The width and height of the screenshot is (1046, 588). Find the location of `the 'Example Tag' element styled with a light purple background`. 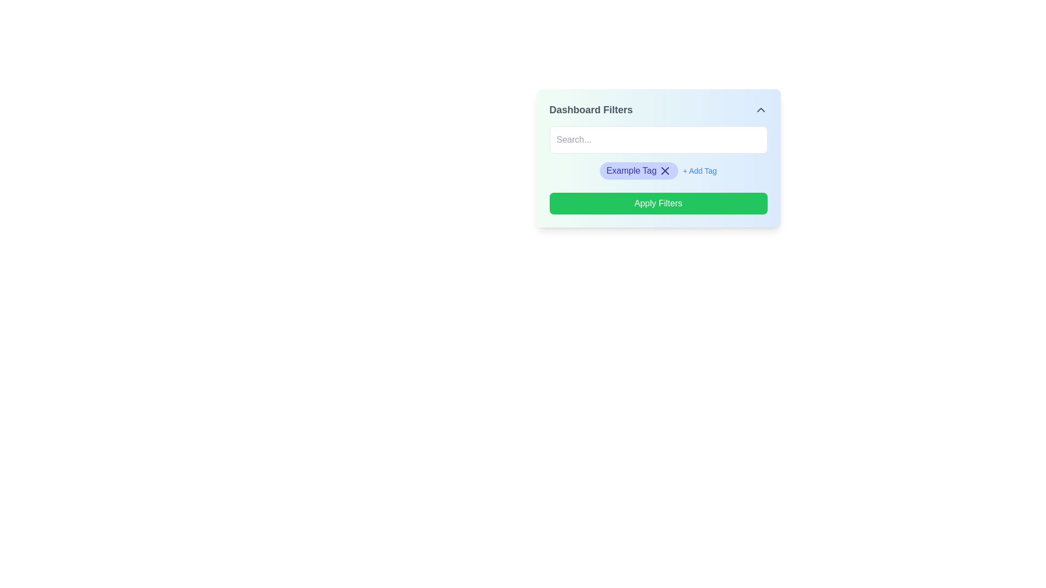

the 'Example Tag' element styled with a light purple background is located at coordinates (658, 172).